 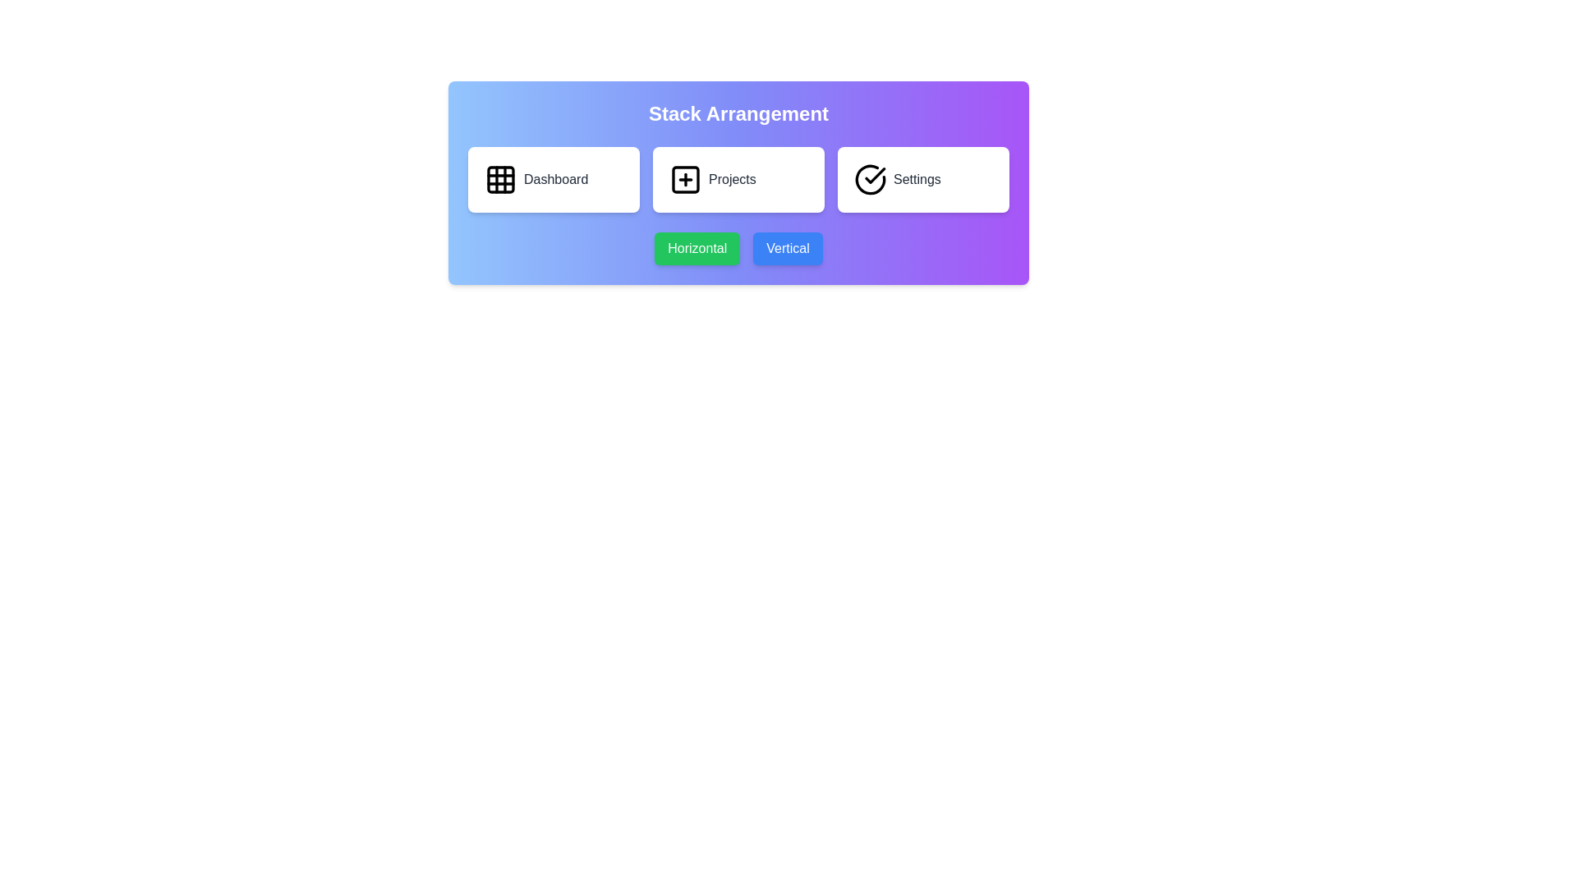 I want to click on the button located on the left side of the 'Projects' panel, so click(x=686, y=180).